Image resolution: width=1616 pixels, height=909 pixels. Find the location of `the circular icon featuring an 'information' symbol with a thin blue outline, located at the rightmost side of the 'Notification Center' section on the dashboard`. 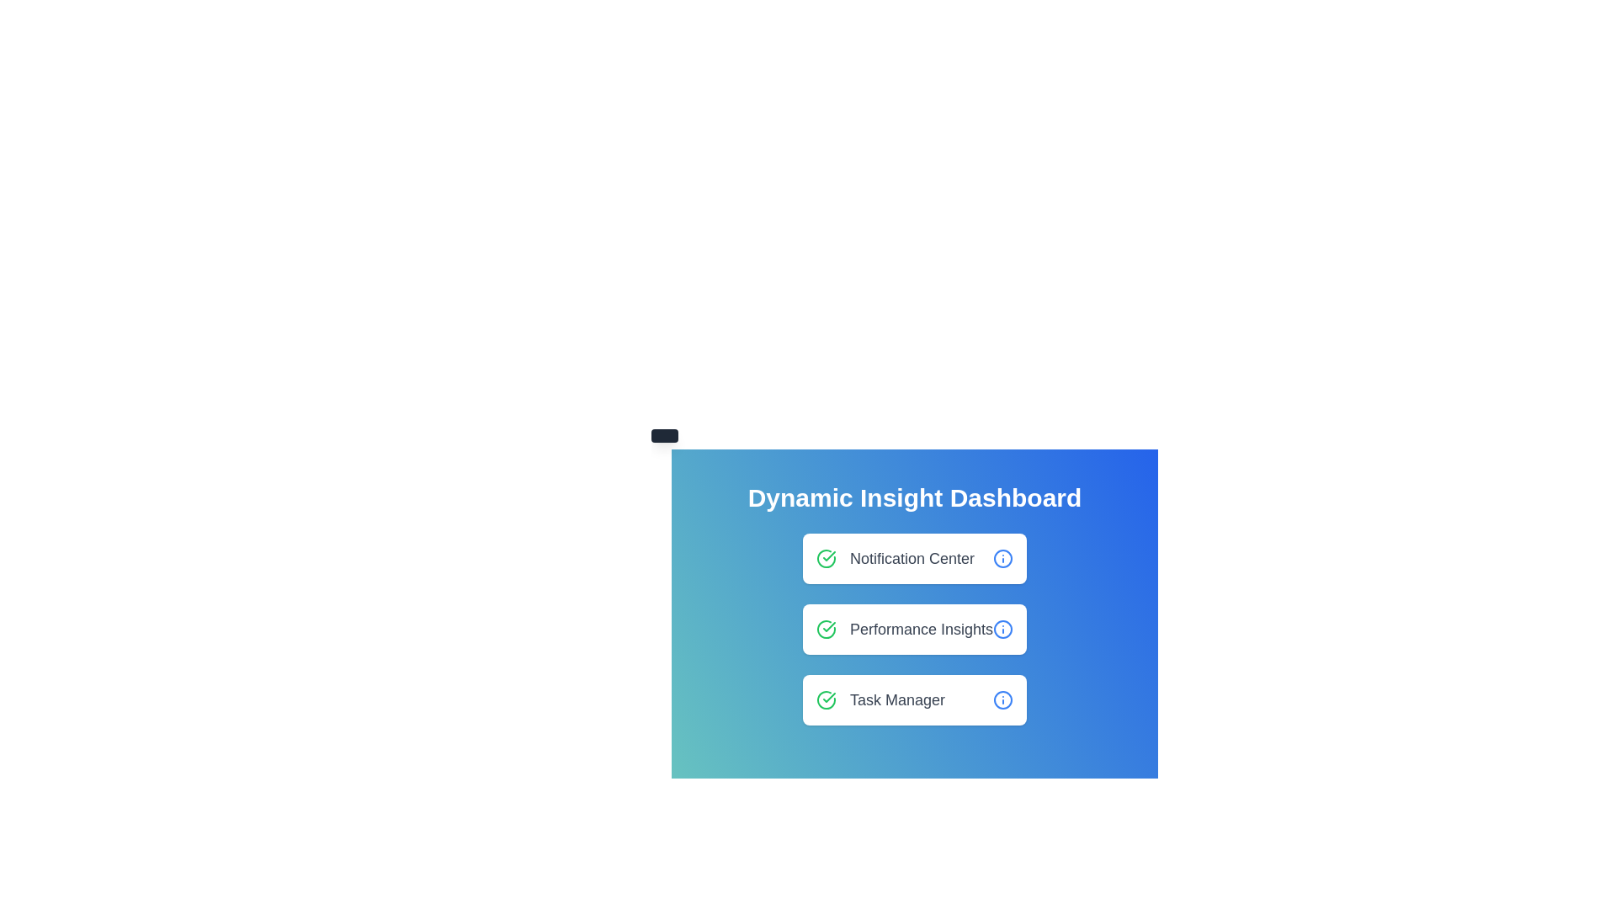

the circular icon featuring an 'information' symbol with a thin blue outline, located at the rightmost side of the 'Notification Center' section on the dashboard is located at coordinates (1002, 558).